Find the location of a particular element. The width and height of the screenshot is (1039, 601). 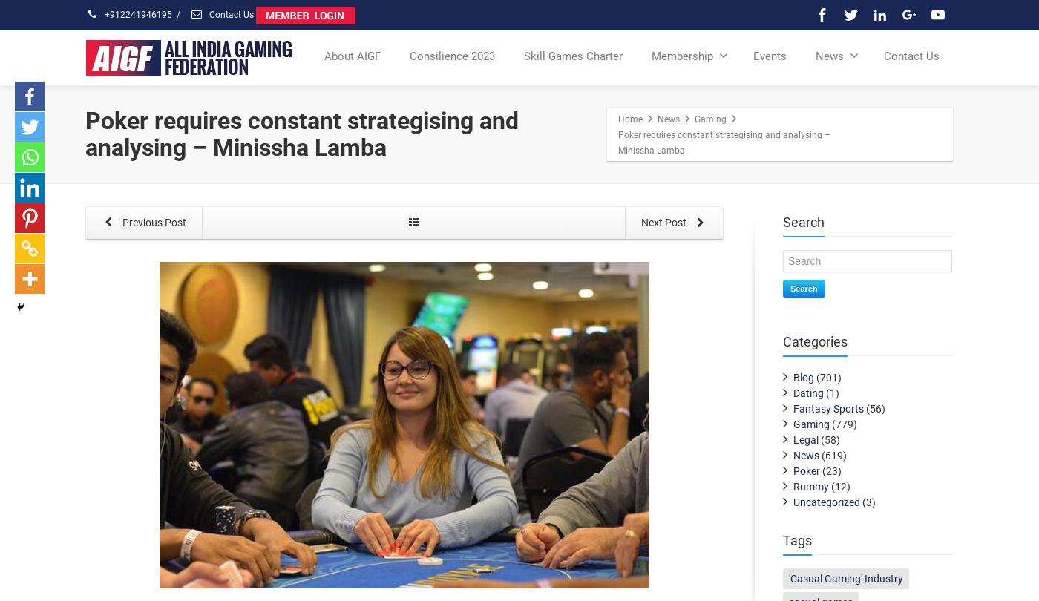

'Contact Us' is located at coordinates (883, 56).